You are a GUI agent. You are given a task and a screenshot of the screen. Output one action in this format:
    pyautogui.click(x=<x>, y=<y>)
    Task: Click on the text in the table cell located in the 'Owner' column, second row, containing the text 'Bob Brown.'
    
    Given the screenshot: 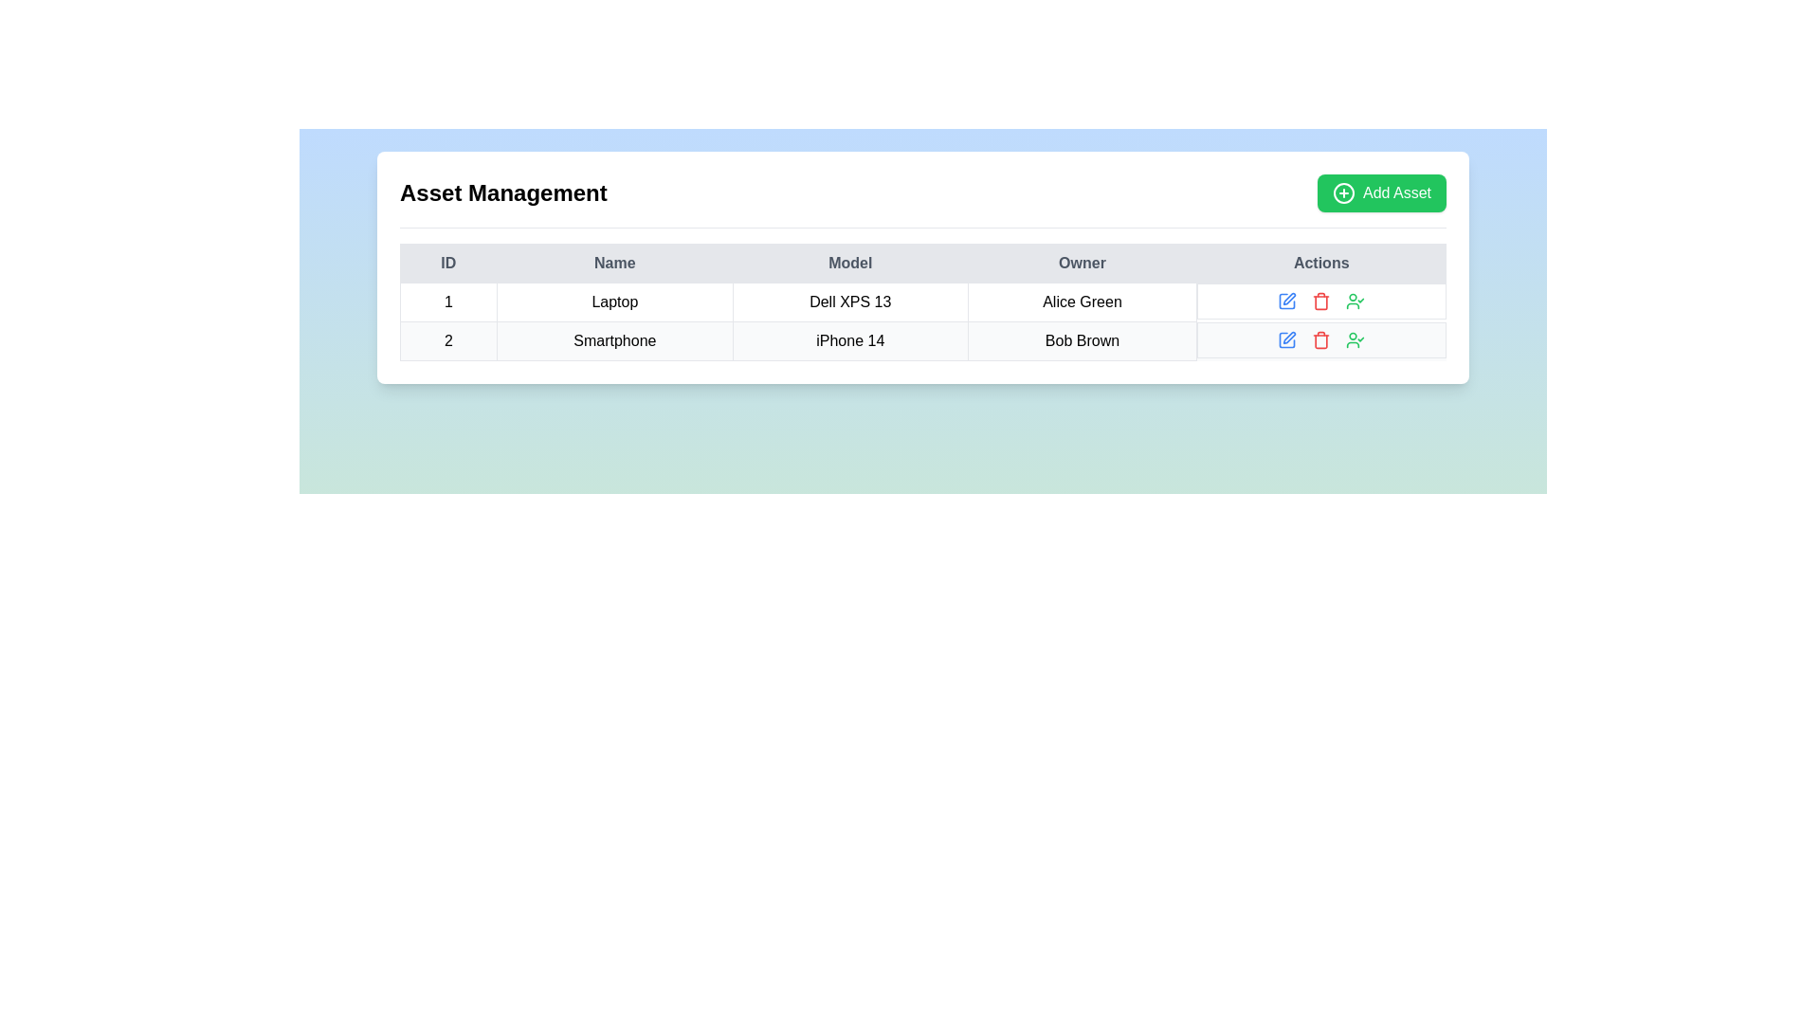 What is the action you would take?
    pyautogui.click(x=1083, y=339)
    